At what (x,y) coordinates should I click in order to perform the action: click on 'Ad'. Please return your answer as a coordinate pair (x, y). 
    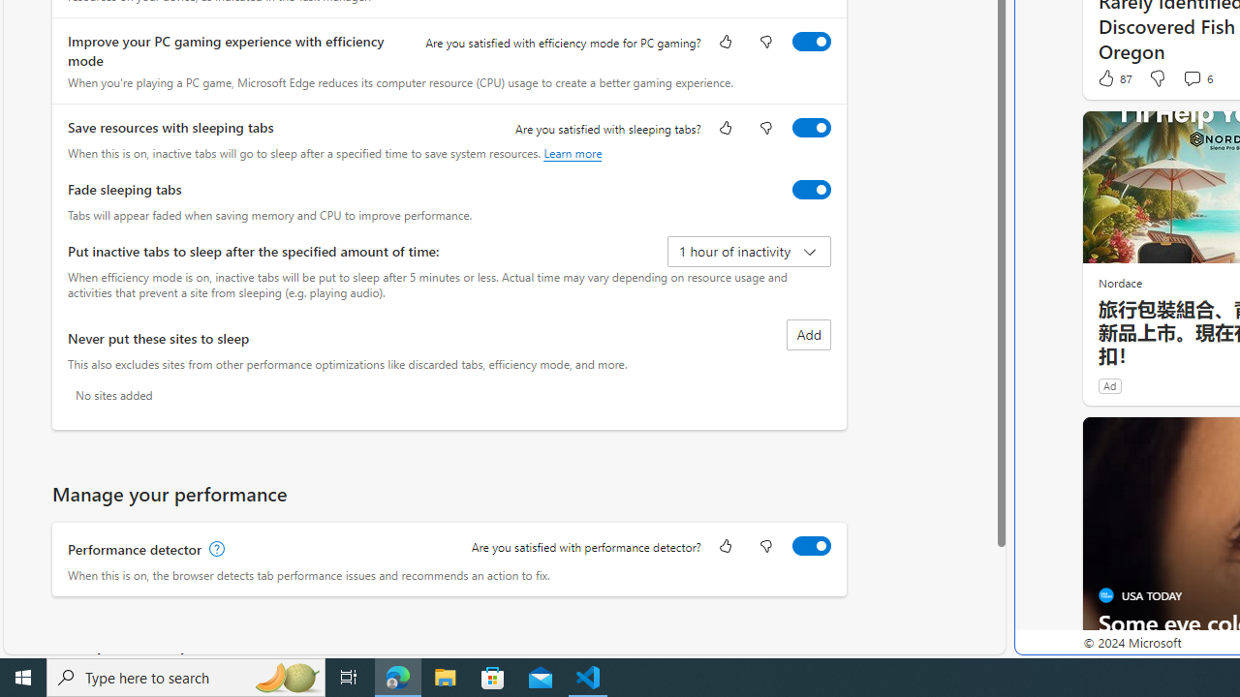
    Looking at the image, I should click on (1109, 385).